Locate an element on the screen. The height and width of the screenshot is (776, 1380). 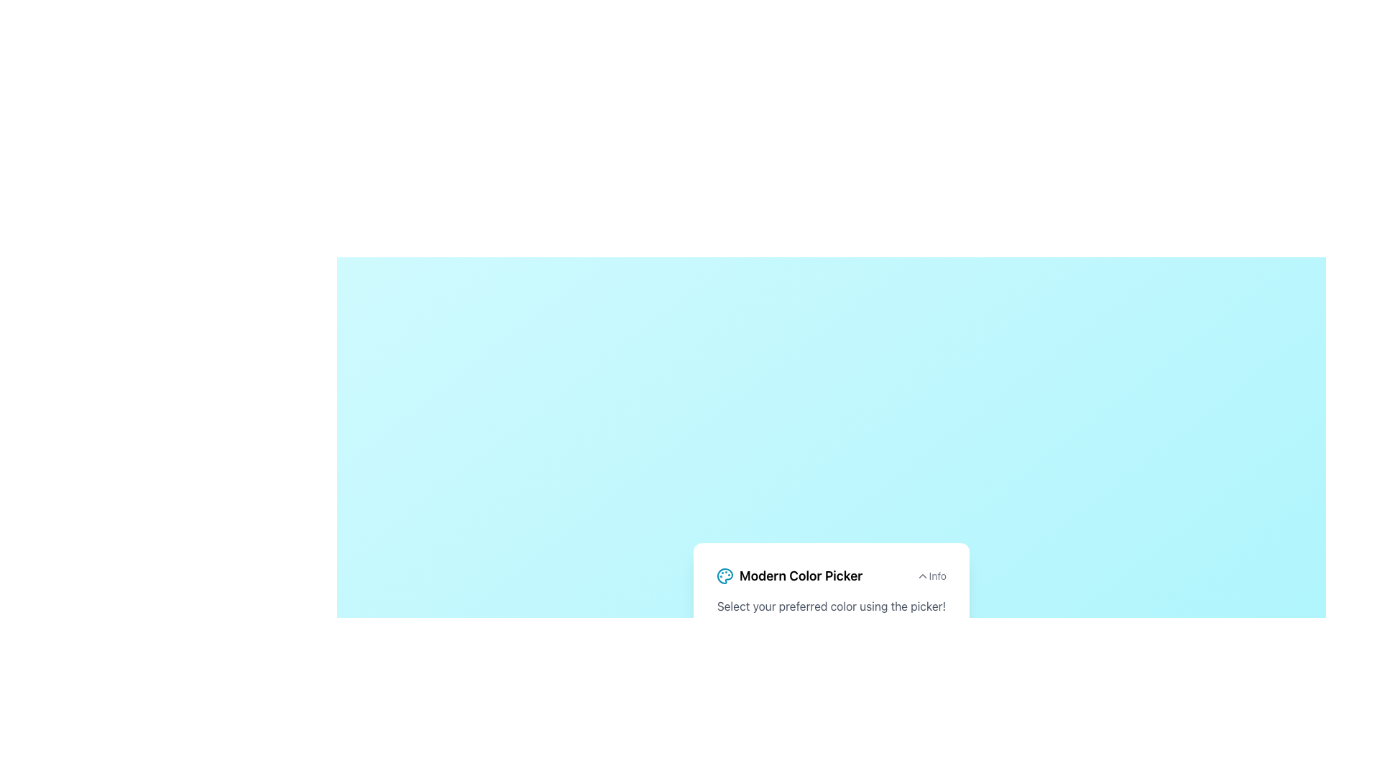
the cyan round-edged oval icon representing the palette in the color picker section of the UI is located at coordinates (724, 575).